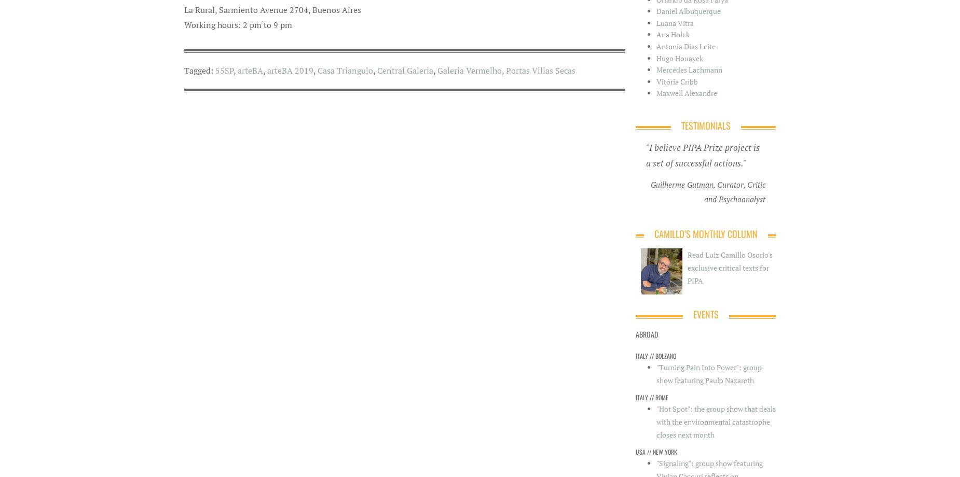  I want to click on 'Guilherme Gutman, Curator, Critic and Psychoanalyst', so click(707, 191).